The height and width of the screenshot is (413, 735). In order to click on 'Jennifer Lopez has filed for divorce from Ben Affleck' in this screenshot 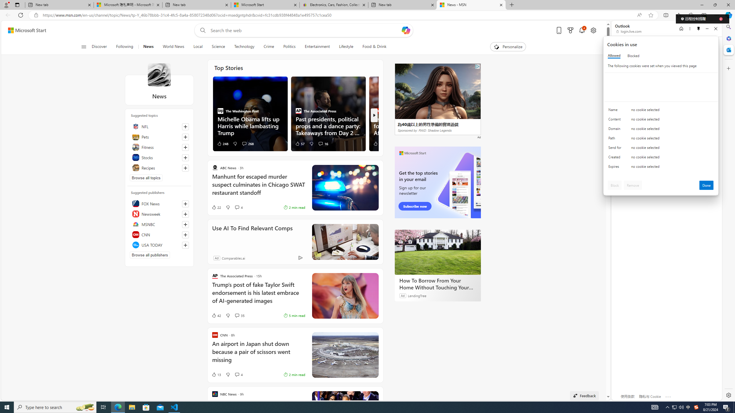, I will do `click(406, 125)`.